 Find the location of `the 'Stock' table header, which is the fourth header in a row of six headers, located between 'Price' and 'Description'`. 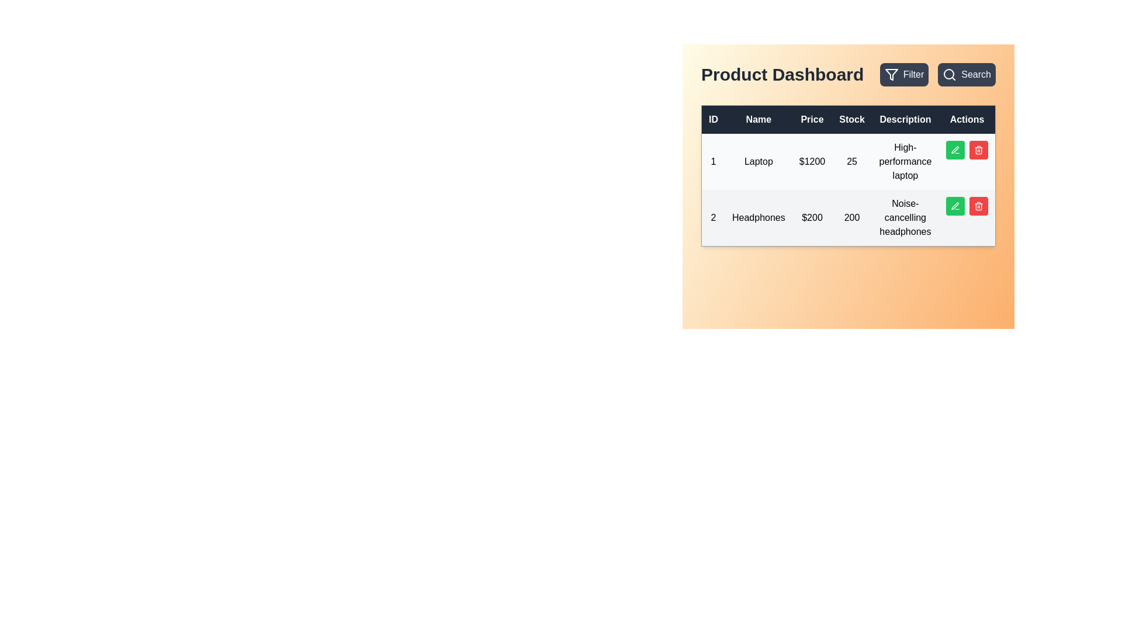

the 'Stock' table header, which is the fourth header in a row of six headers, located between 'Price' and 'Description' is located at coordinates (848, 119).